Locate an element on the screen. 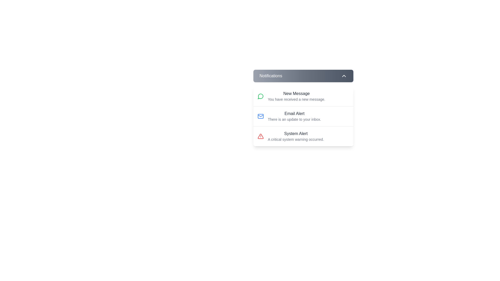  the 'New Message' notification item, which displays a bold title and a subtext indicating a new message is located at coordinates (303, 96).